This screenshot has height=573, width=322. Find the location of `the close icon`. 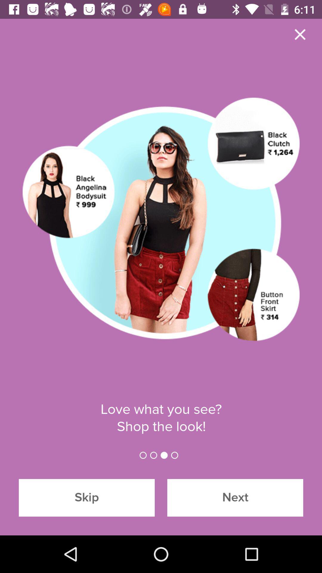

the close icon is located at coordinates (300, 34).